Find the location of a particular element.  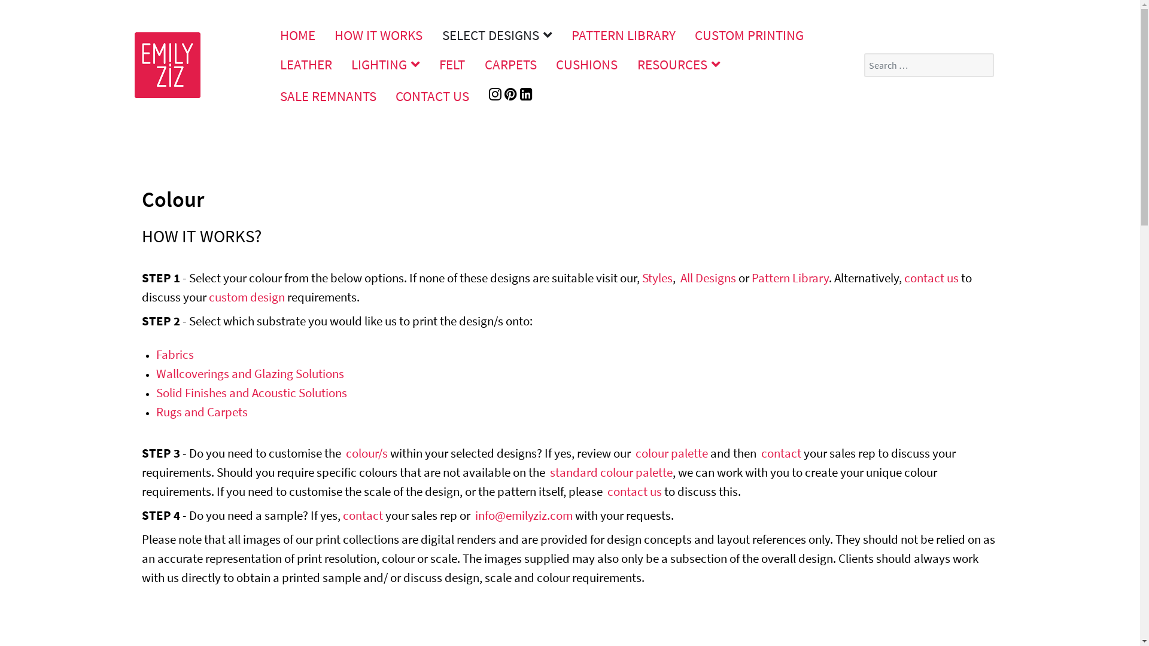

'HOW IT WORKS' is located at coordinates (378, 34).